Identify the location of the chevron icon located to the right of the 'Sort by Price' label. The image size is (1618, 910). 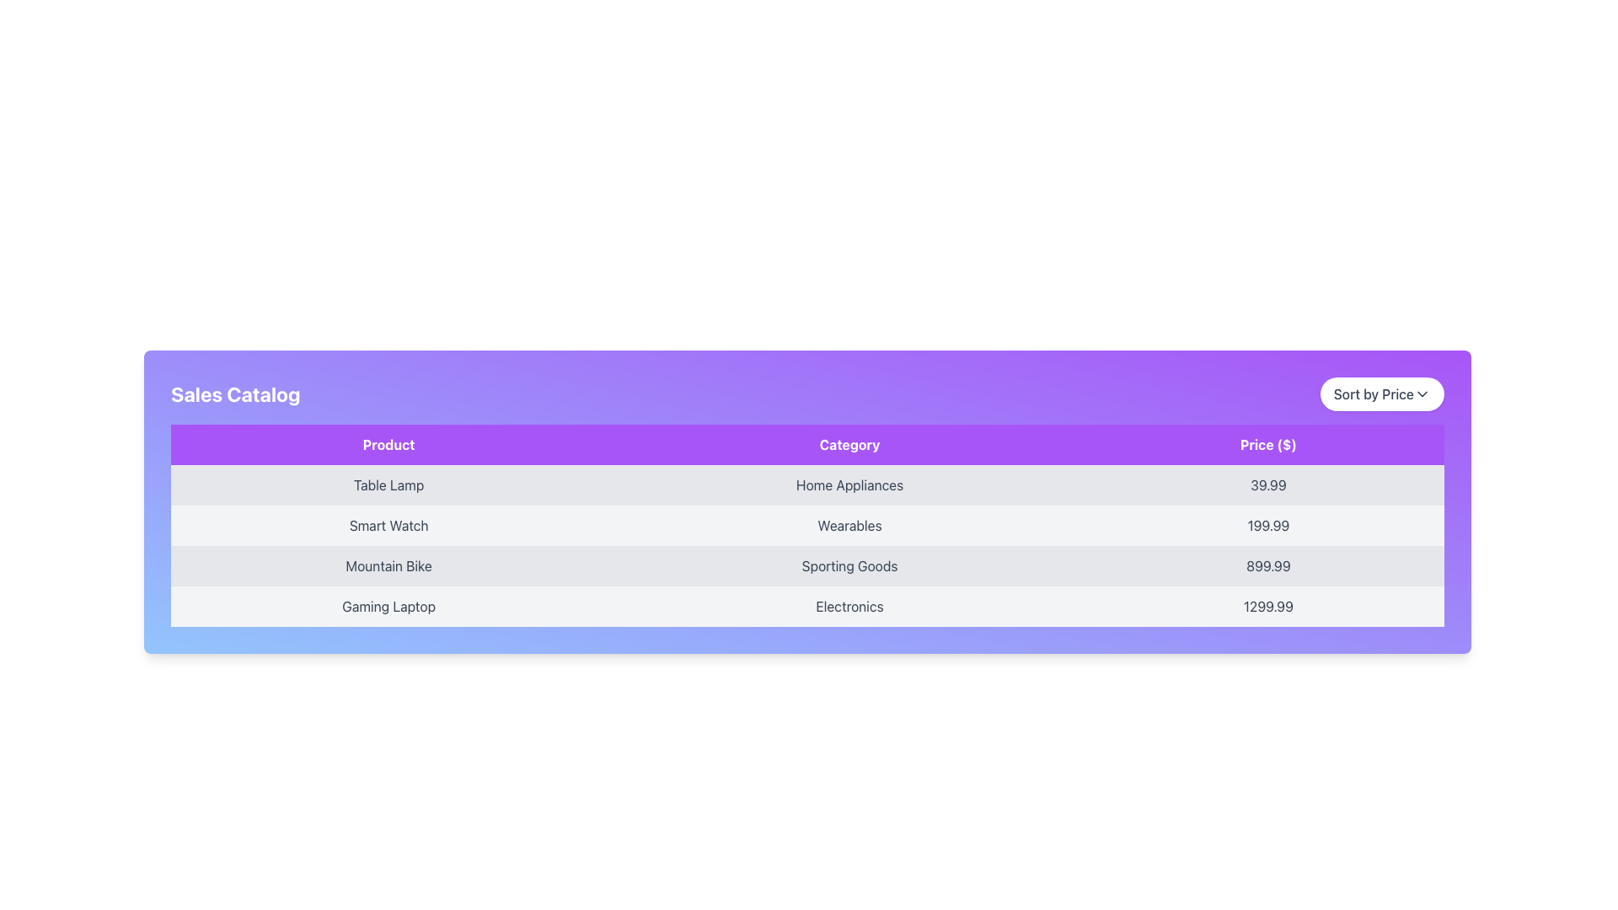
(1422, 393).